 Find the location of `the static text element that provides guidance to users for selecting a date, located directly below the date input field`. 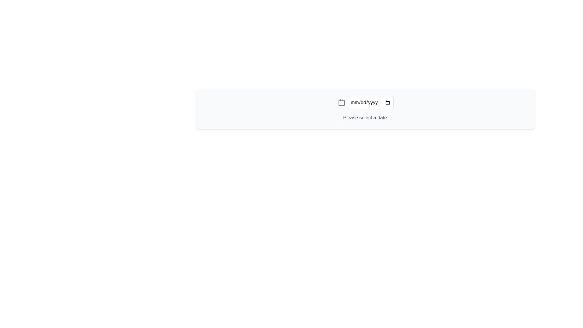

the static text element that provides guidance to users for selecting a date, located directly below the date input field is located at coordinates (365, 118).